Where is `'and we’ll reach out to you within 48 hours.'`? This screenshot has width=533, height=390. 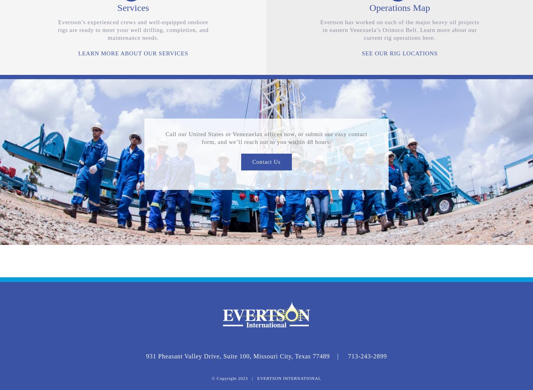
'and we’ll reach out to you within 48 hours.' is located at coordinates (274, 142).